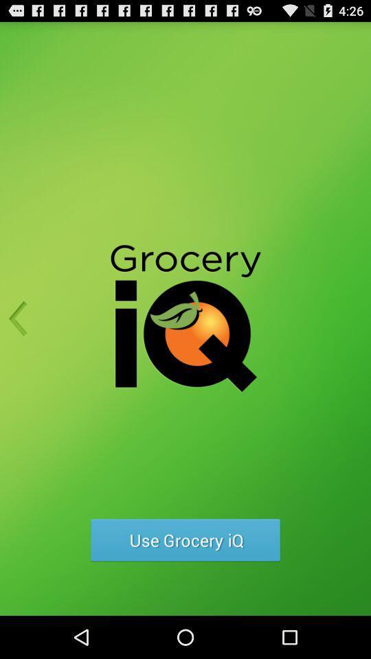 This screenshot has width=371, height=659. Describe the element at coordinates (21, 340) in the screenshot. I see `the arrow_backward icon` at that location.